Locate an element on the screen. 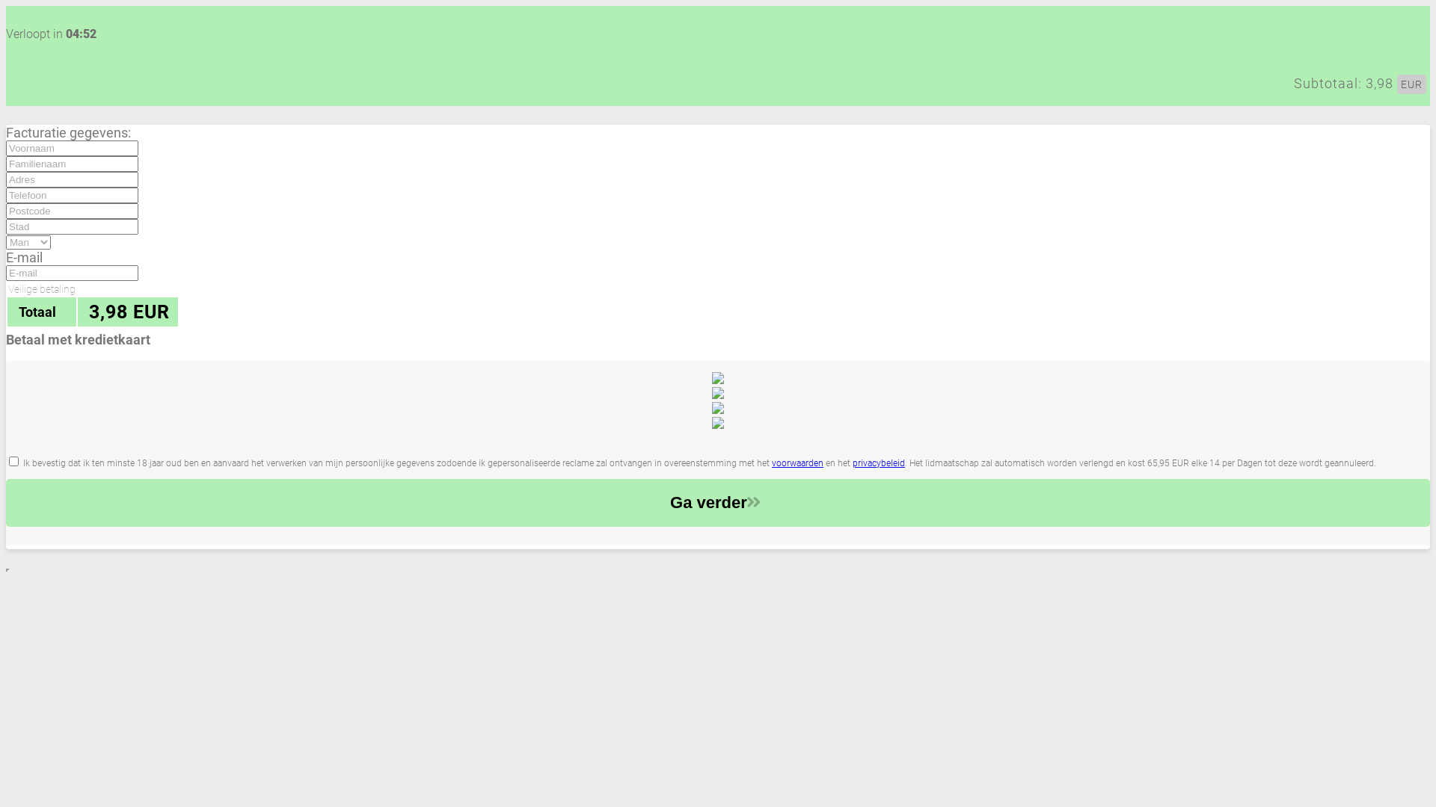  'Ga verder' is located at coordinates (718, 502).